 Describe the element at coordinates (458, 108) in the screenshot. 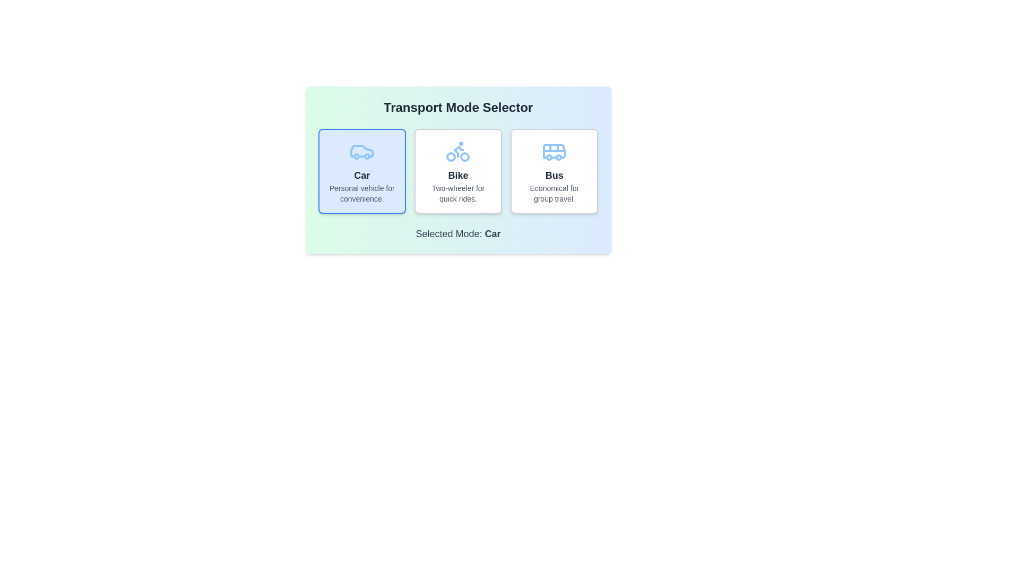

I see `the title text indicating the purpose of the section for selecting a mode of transport, positioned above the transport options grid` at that location.